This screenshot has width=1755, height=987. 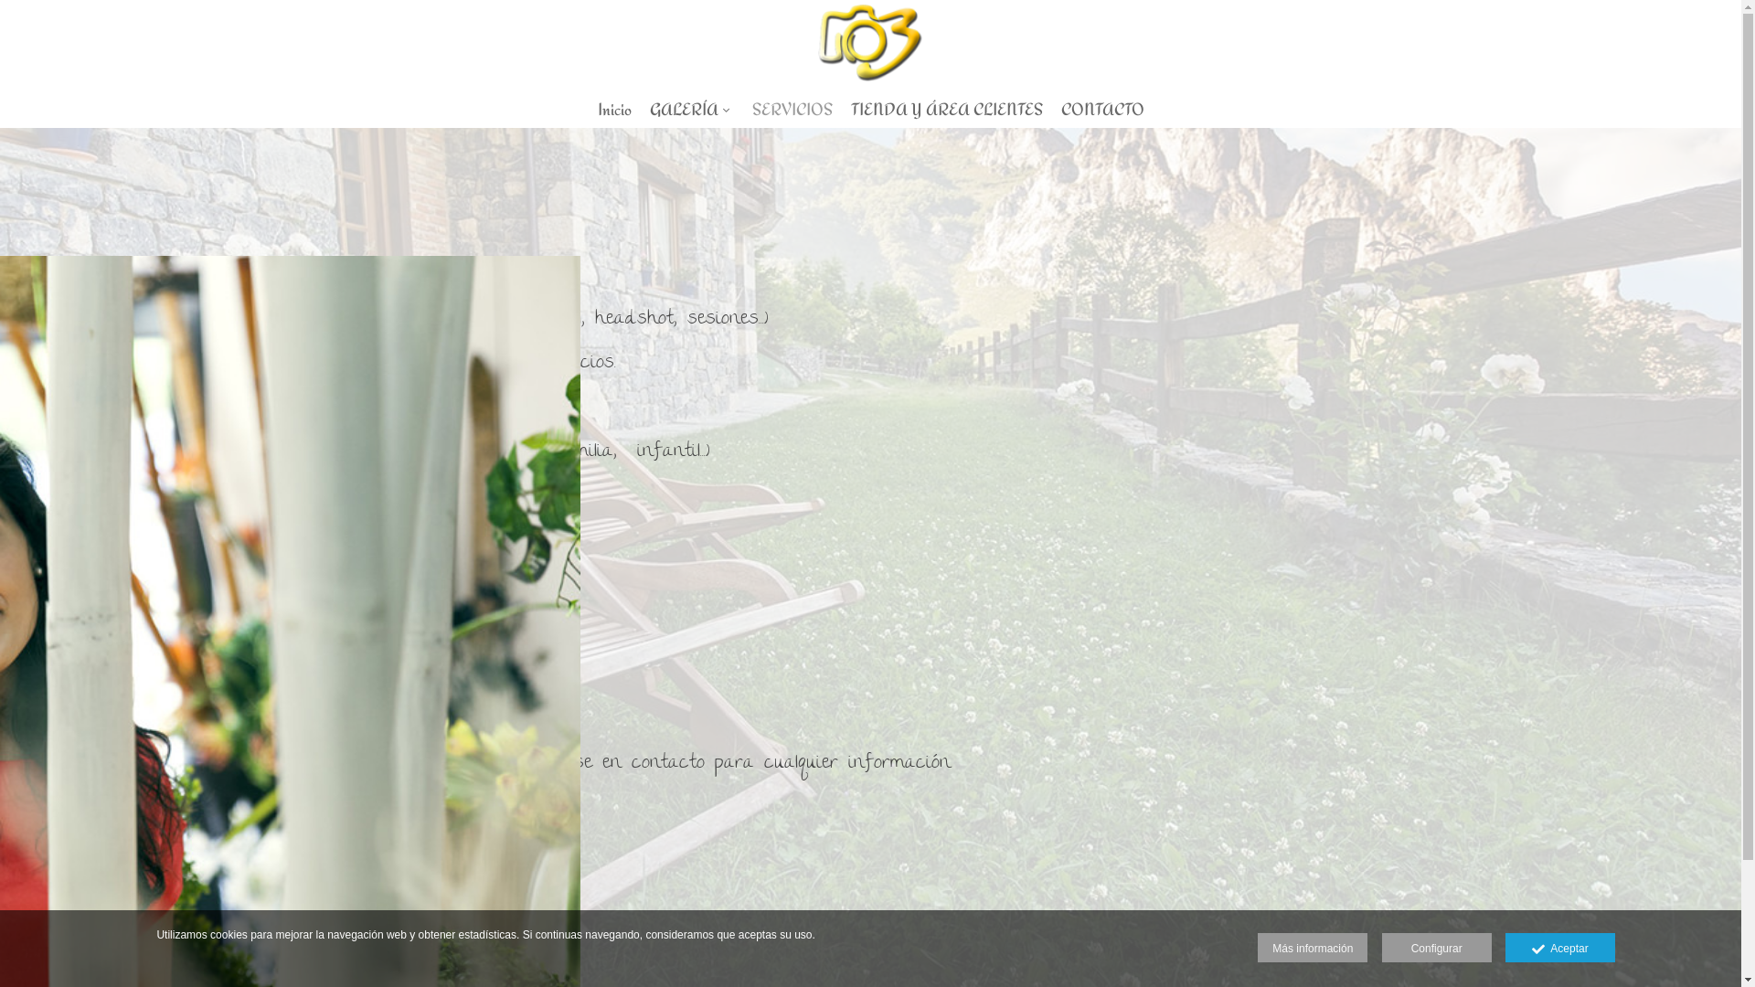 What do you see at coordinates (614, 110) in the screenshot?
I see `'Inicio'` at bounding box center [614, 110].